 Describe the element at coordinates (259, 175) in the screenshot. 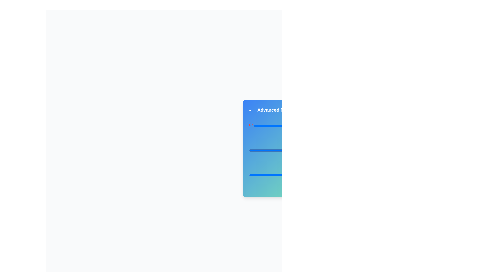

I see `slider value` at that location.